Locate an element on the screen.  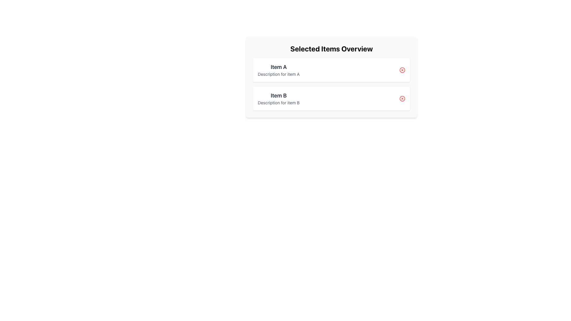
the red-bordered circular button with a white background containing an 'X' symbol, located to the right of 'Item A' is located at coordinates (402, 70).